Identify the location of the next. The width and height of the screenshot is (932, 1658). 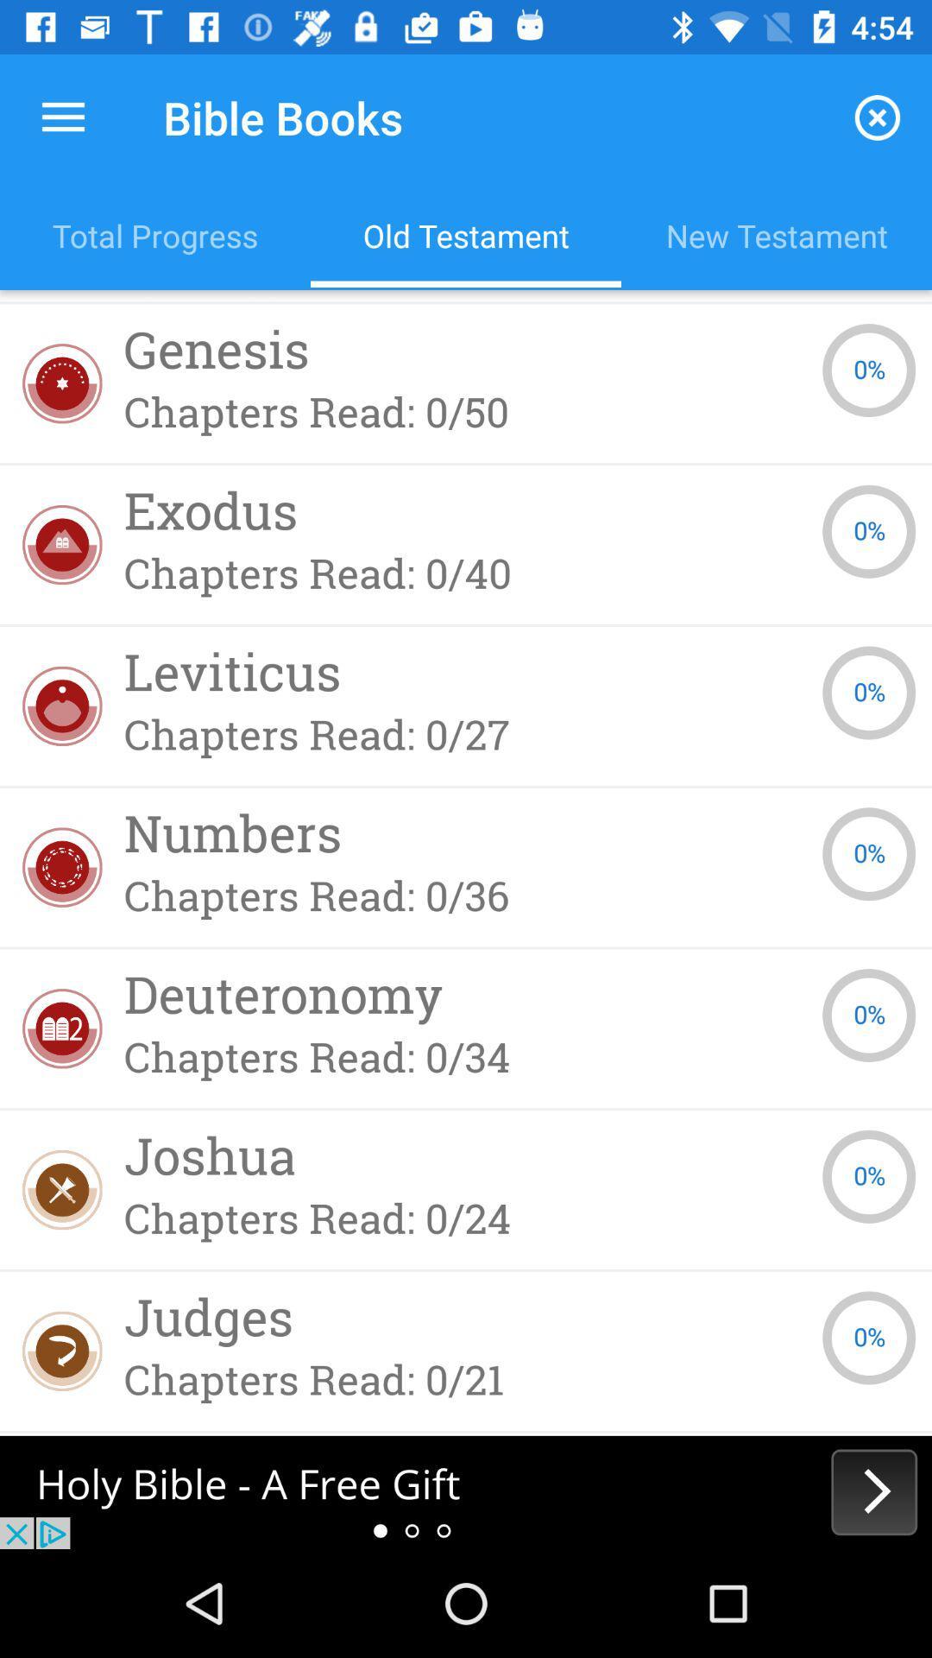
(466, 1491).